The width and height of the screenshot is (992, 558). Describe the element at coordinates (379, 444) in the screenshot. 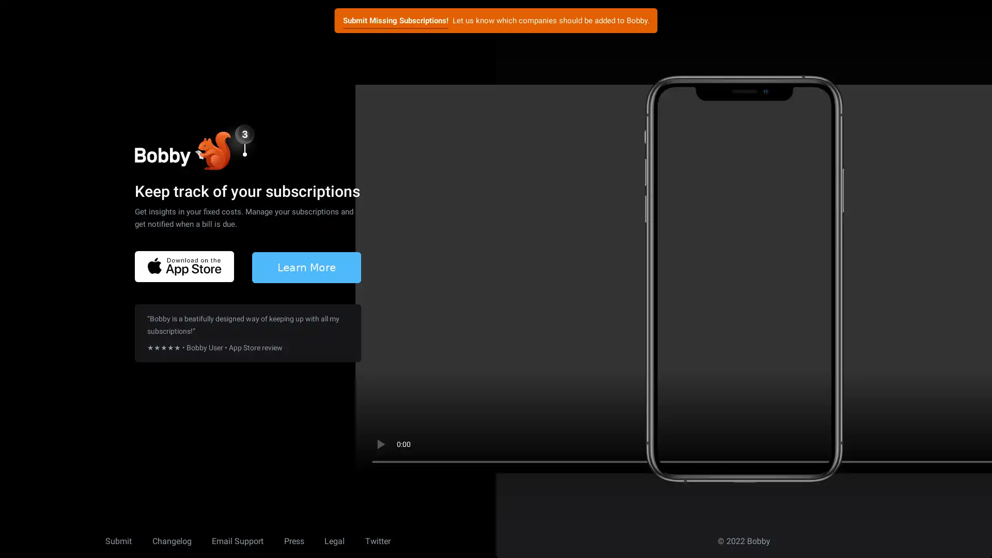

I see `play` at that location.